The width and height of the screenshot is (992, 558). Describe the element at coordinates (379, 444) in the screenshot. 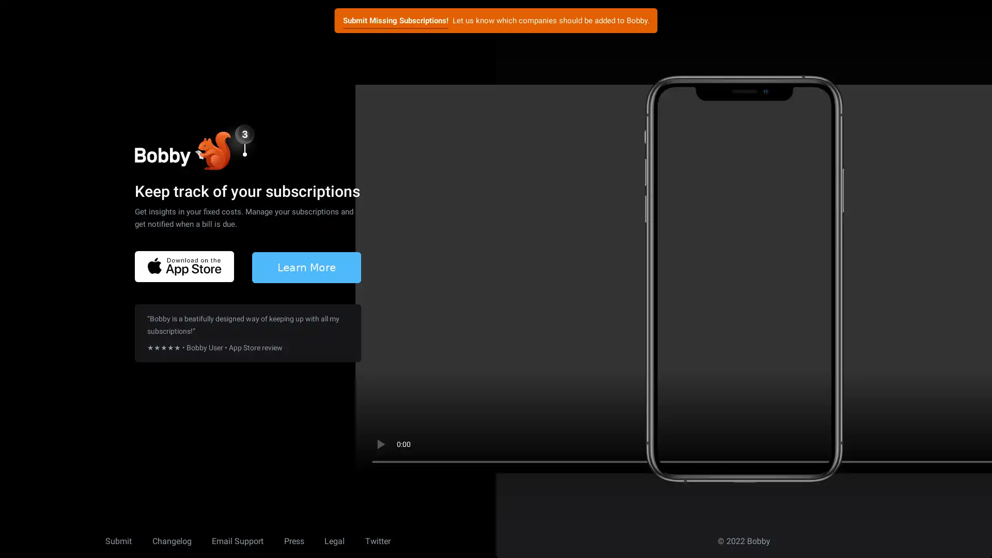

I see `play` at that location.